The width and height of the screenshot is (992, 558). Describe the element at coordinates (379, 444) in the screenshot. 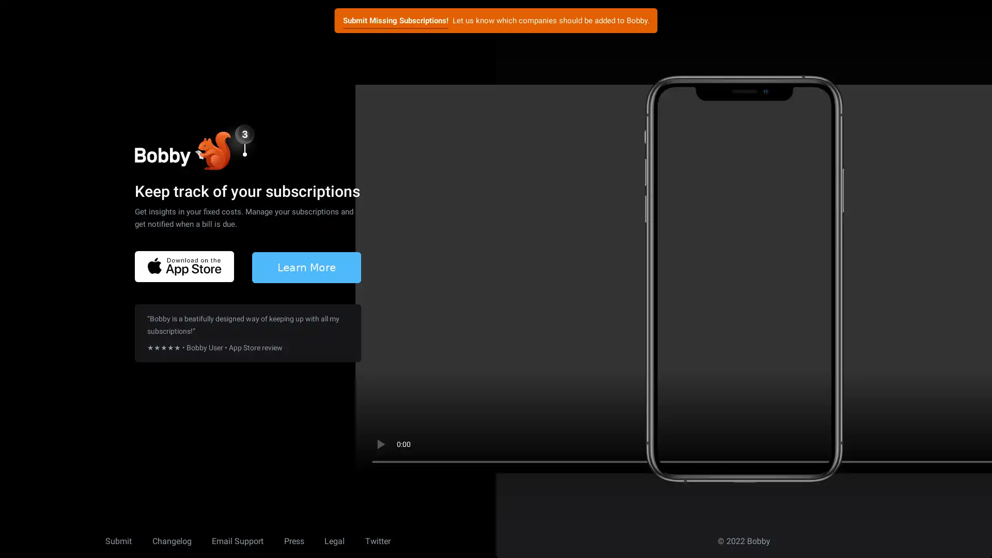

I see `play` at that location.